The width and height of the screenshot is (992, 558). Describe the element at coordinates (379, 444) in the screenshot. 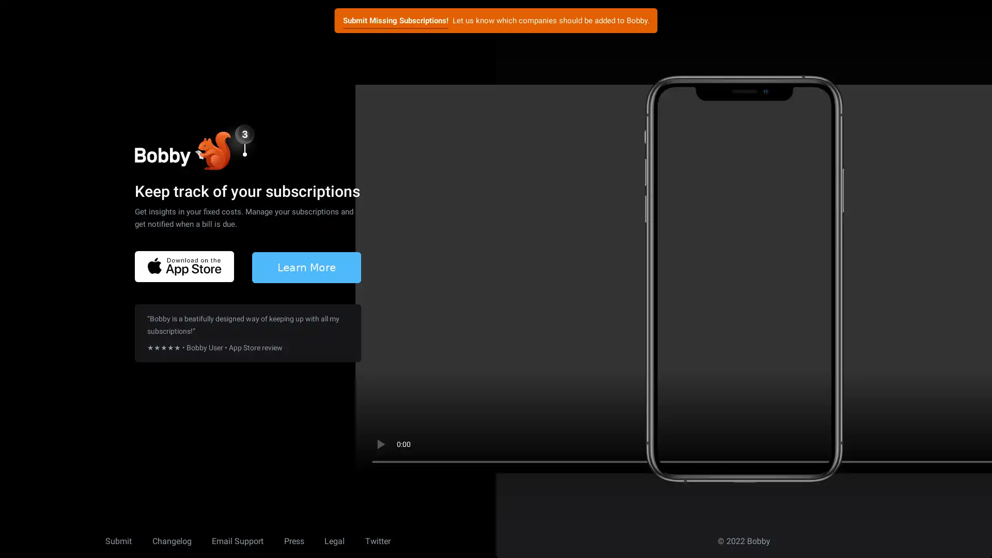

I see `play` at that location.